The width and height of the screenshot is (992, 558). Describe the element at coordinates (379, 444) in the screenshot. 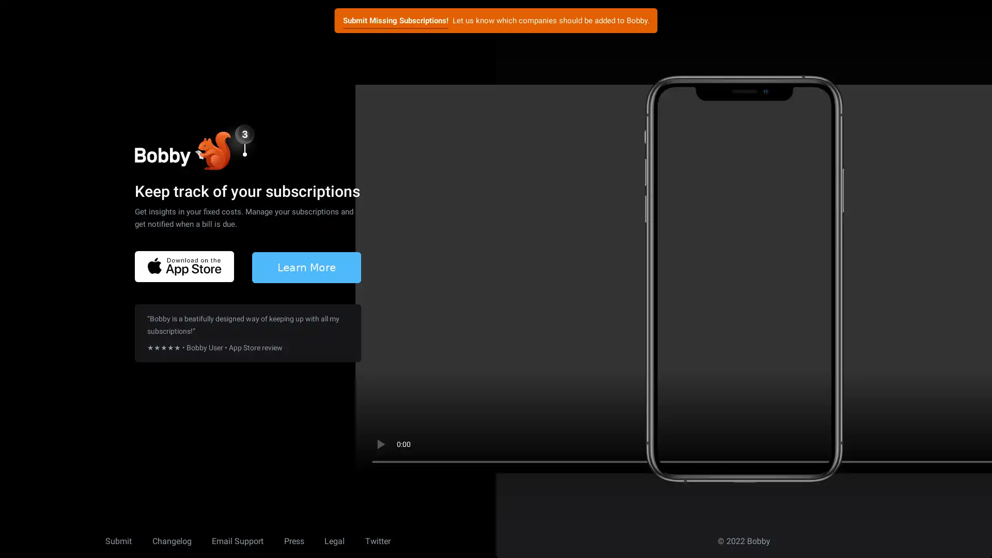

I see `play` at that location.